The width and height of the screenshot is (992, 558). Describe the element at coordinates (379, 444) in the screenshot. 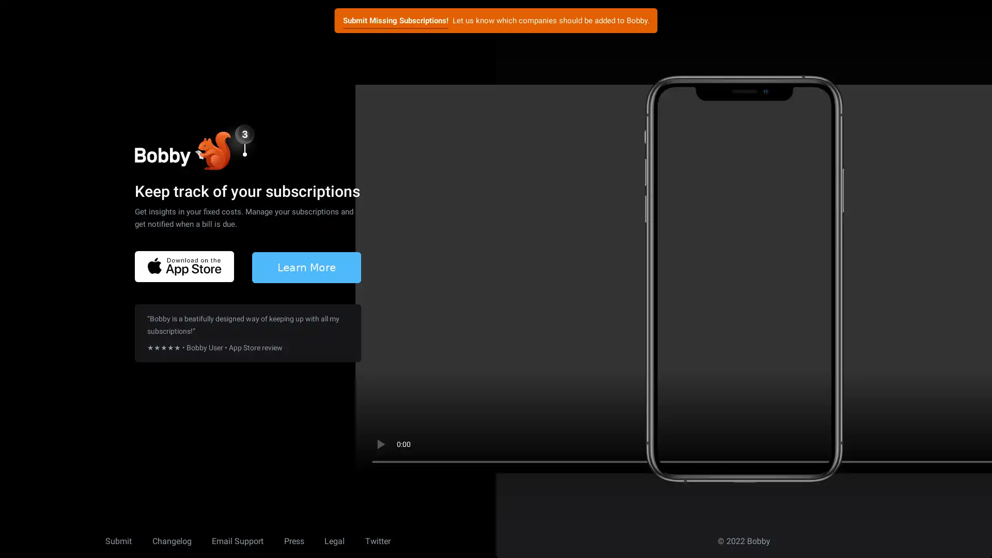

I see `play` at that location.